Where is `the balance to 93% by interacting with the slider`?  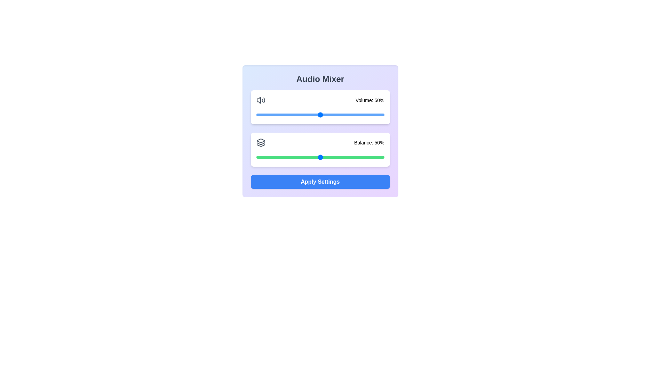 the balance to 93% by interacting with the slider is located at coordinates (375, 157).